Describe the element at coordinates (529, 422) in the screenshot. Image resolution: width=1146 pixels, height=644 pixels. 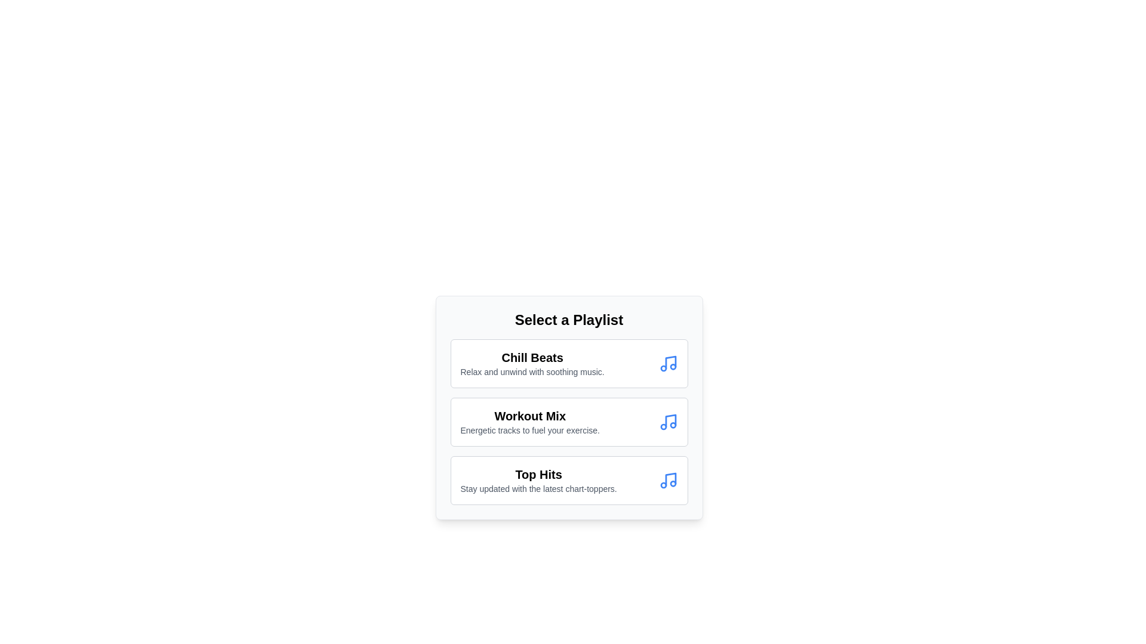
I see `informational Text block about the 'Workout Mix' playlist located below 'Chill Beats' and above 'Top Hits' to understand its content` at that location.